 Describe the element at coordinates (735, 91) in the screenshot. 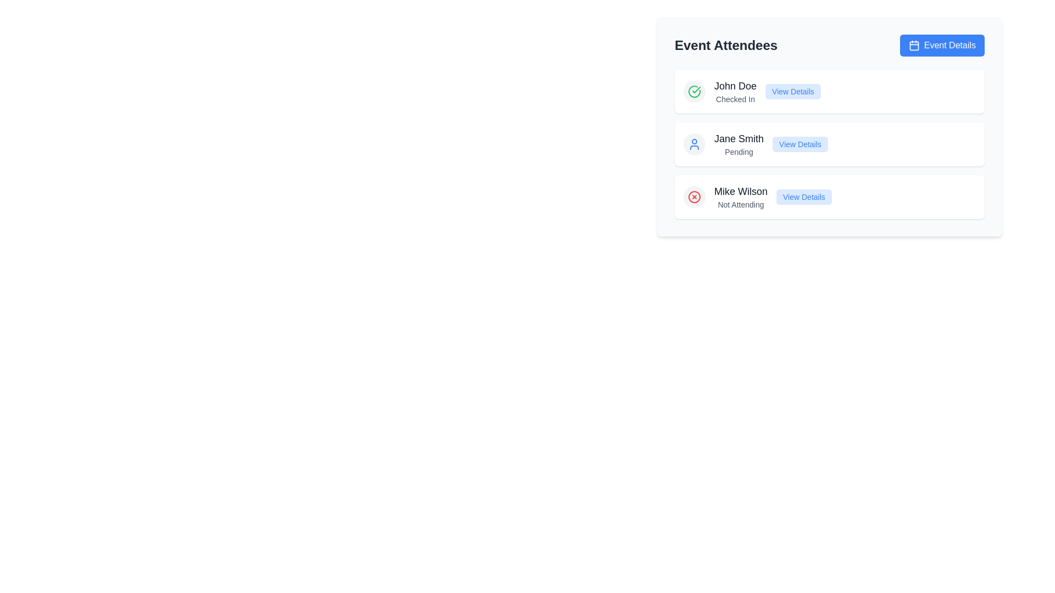

I see `text displayed in the text block containing 'John Doe' and 'Checked In', which is located on a white card under the 'Event Attendees' title, to the right of a green checkmark icon` at that location.